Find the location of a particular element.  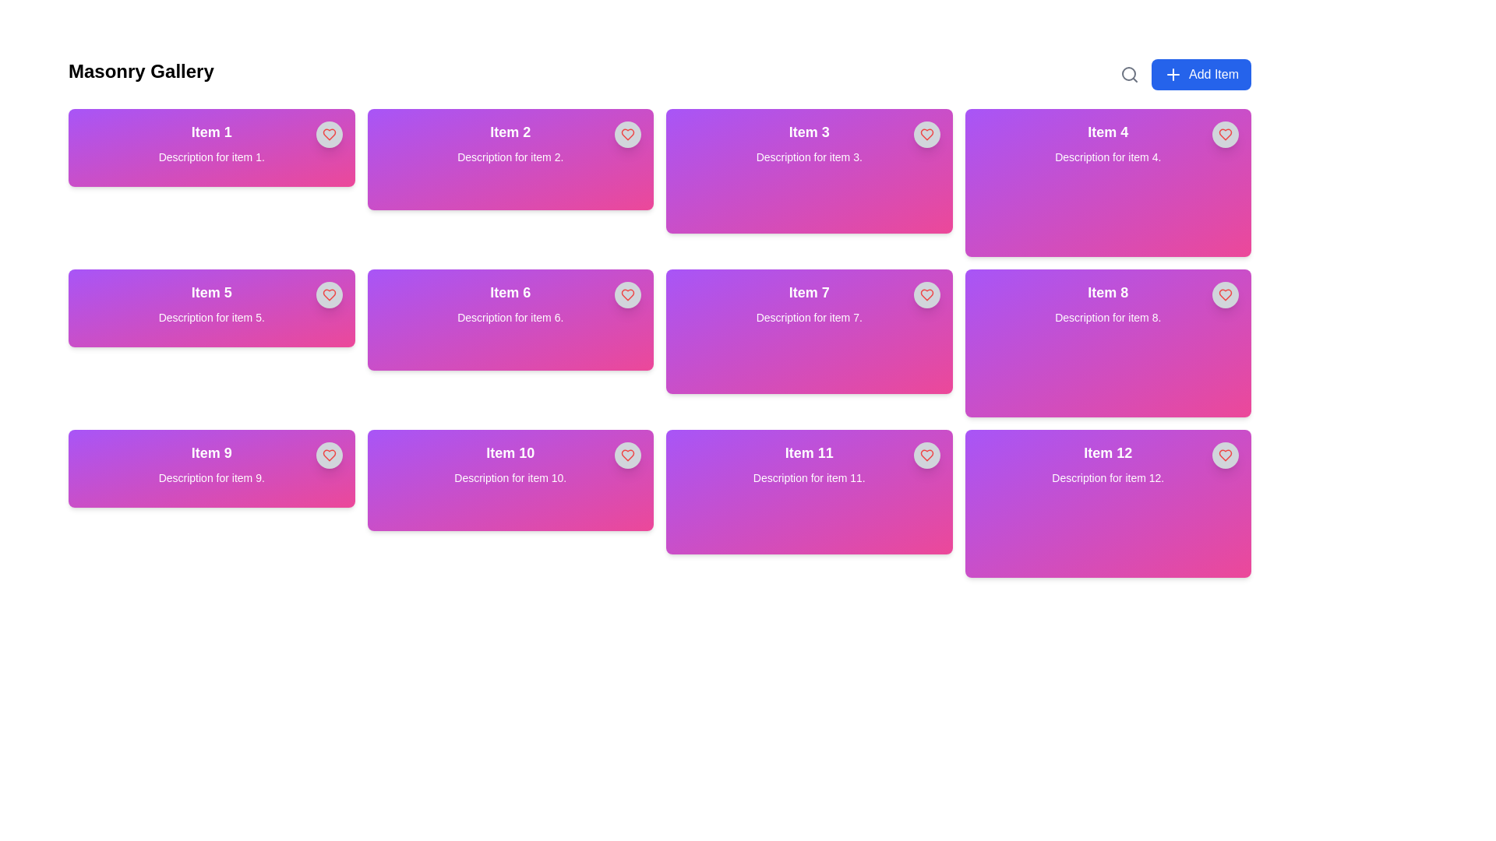

the circular component of the magnifying glass icon, which signifies search functionality in the interface is located at coordinates (1129, 74).